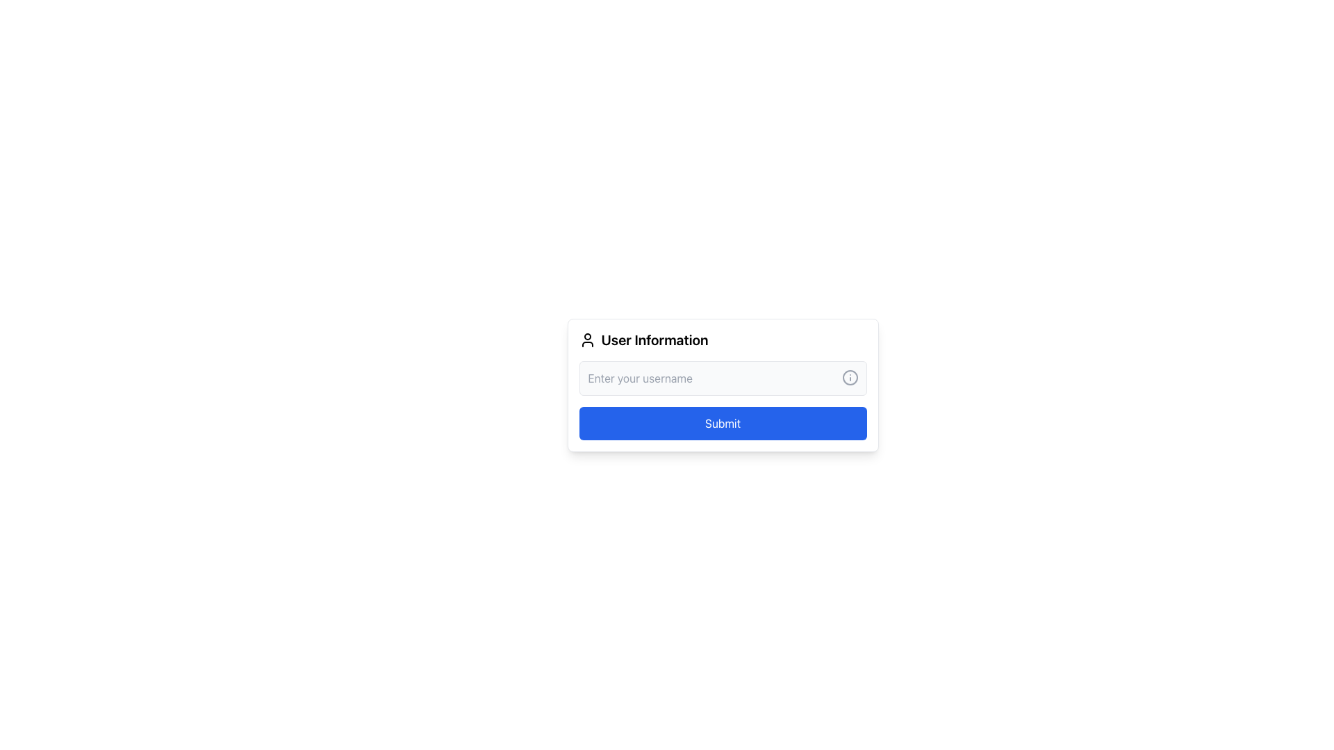  I want to click on the title text element located in the upper left portion of the card containing the form, positioned to the right of the icon, so click(654, 340).